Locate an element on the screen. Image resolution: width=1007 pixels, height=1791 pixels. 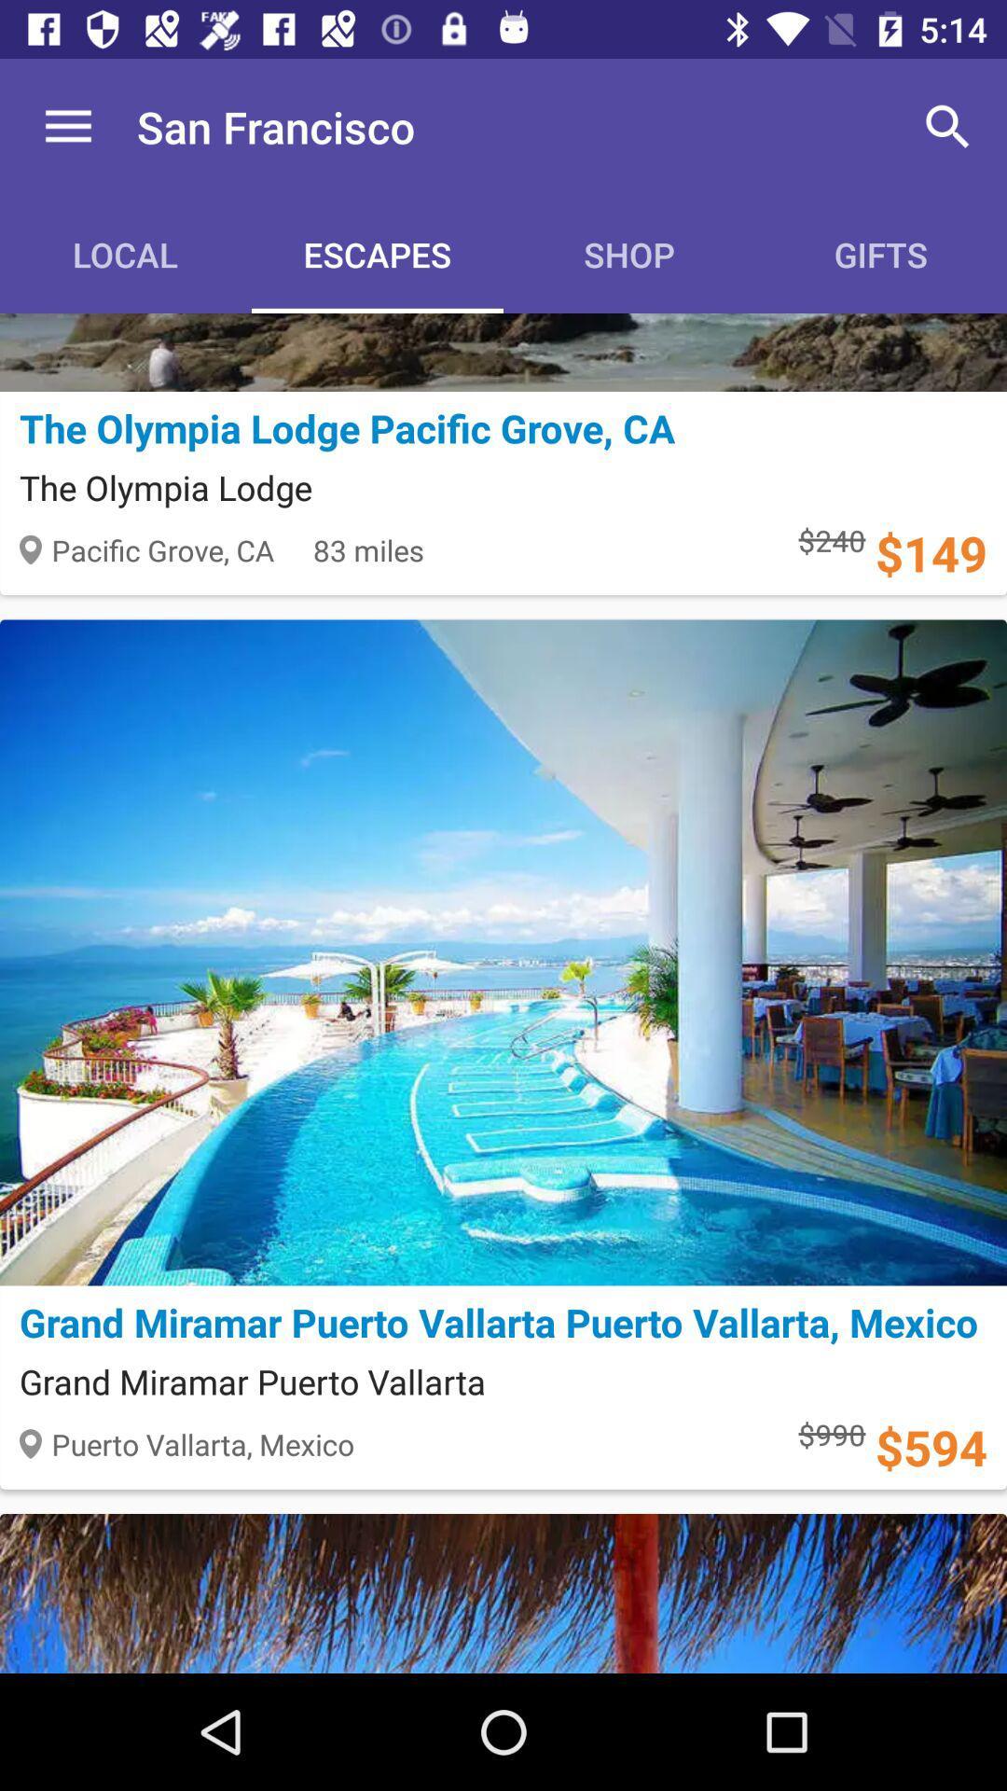
the san francisco item is located at coordinates (276, 126).